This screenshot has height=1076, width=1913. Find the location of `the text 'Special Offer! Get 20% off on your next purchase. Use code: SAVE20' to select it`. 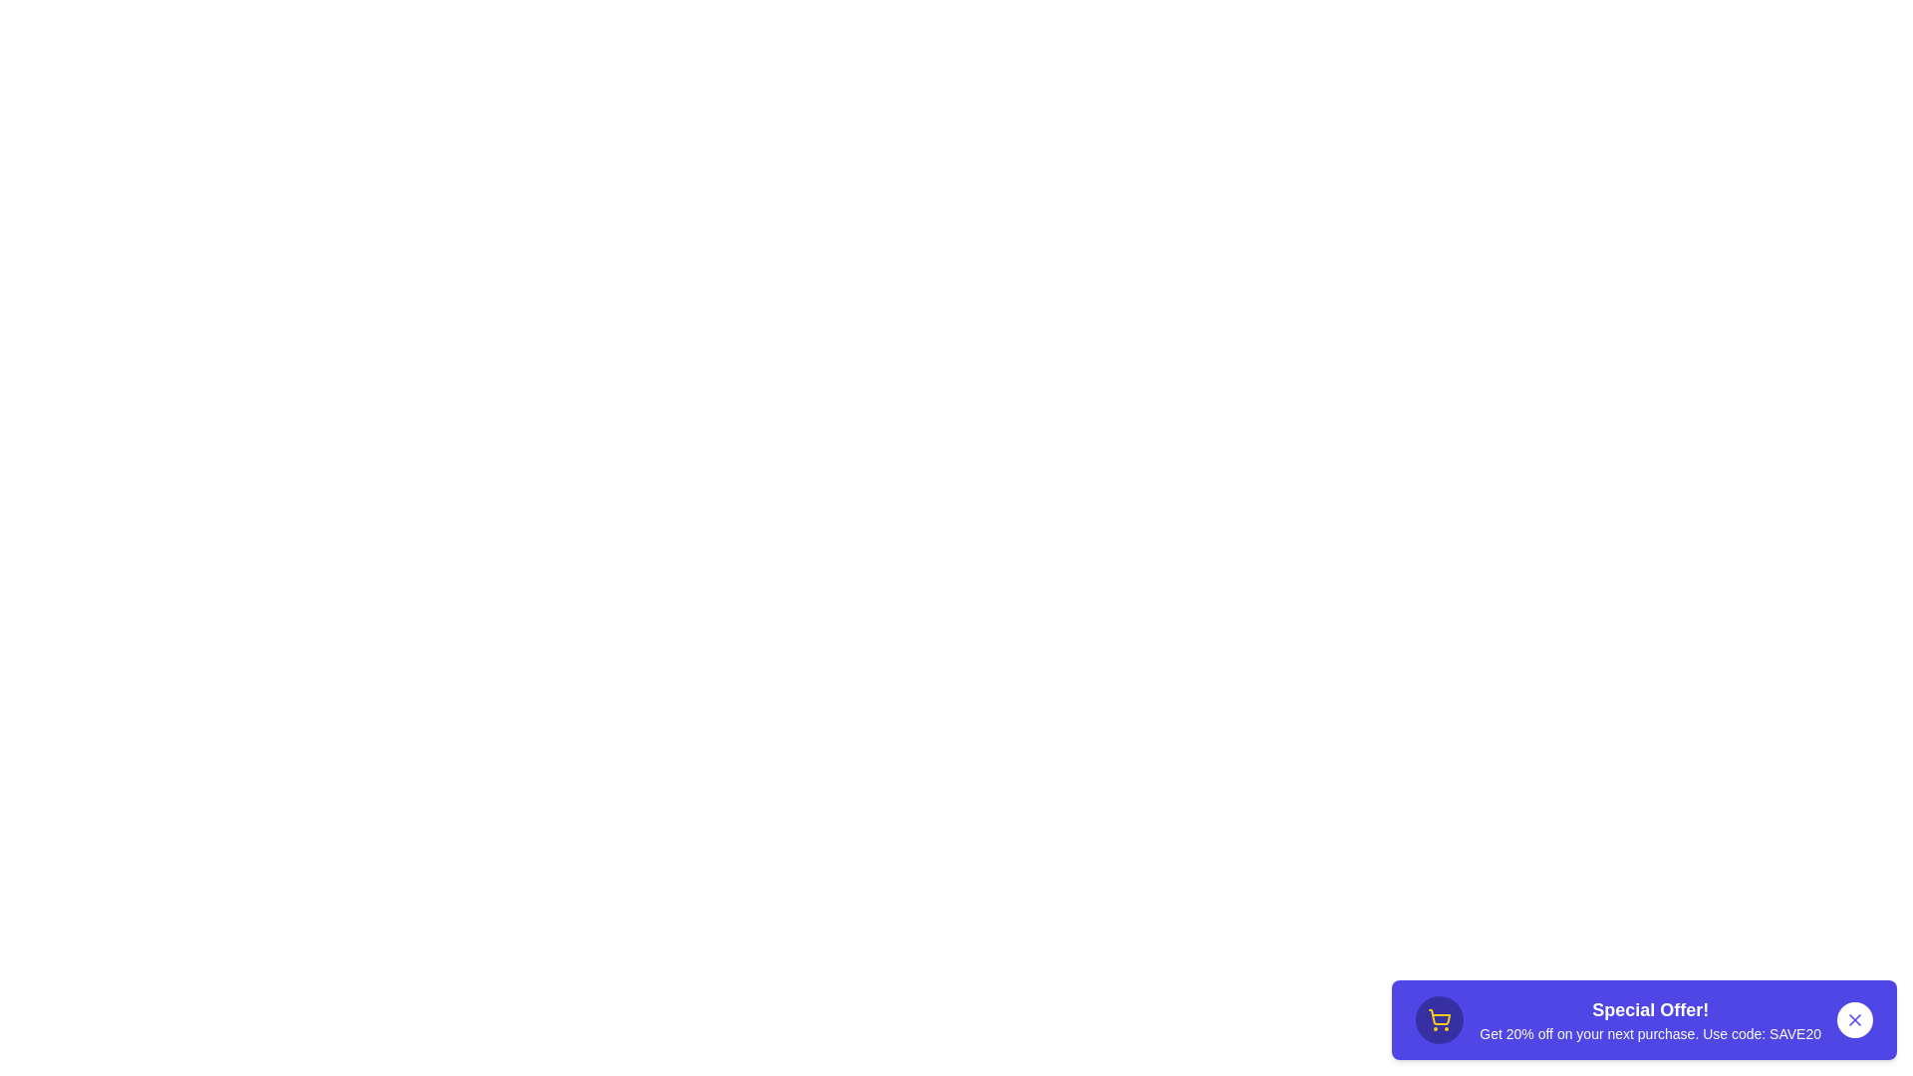

the text 'Special Offer! Get 20% off on your next purchase. Use code: SAVE20' to select it is located at coordinates (1644, 1019).